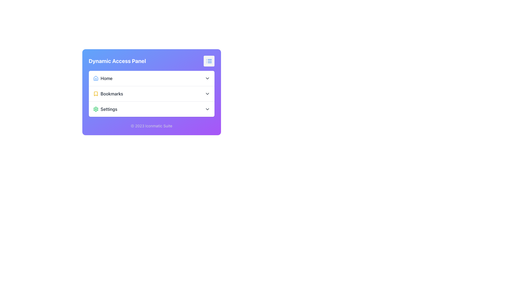  Describe the element at coordinates (108, 94) in the screenshot. I see `the 'Bookmarks' navigation label, which features a yellow bookmark icon and black text on a white background` at that location.